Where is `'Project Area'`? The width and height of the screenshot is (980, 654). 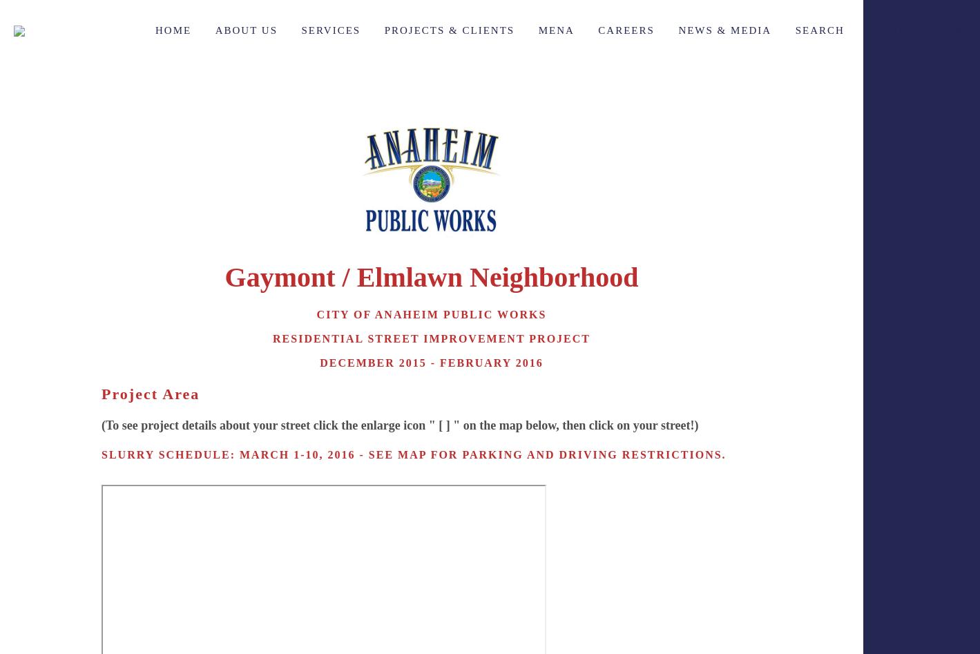 'Project Area' is located at coordinates (101, 393).